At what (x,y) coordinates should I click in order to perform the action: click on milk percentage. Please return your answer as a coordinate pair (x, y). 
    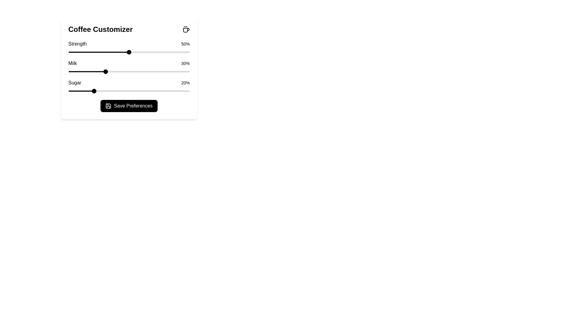
    Looking at the image, I should click on (101, 71).